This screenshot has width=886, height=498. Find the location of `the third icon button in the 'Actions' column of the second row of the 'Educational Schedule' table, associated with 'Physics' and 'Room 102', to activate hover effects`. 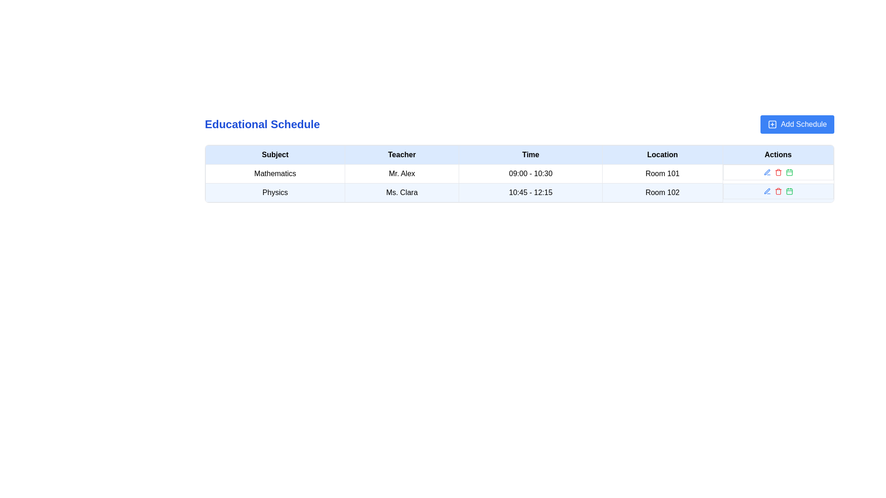

the third icon button in the 'Actions' column of the second row of the 'Educational Schedule' table, associated with 'Physics' and 'Room 102', to activate hover effects is located at coordinates (789, 172).